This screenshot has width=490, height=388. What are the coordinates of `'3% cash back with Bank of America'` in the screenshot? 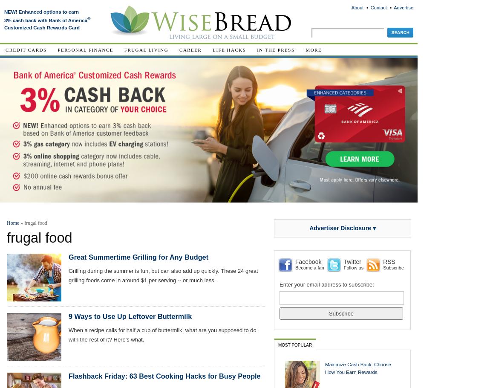 It's located at (45, 20).